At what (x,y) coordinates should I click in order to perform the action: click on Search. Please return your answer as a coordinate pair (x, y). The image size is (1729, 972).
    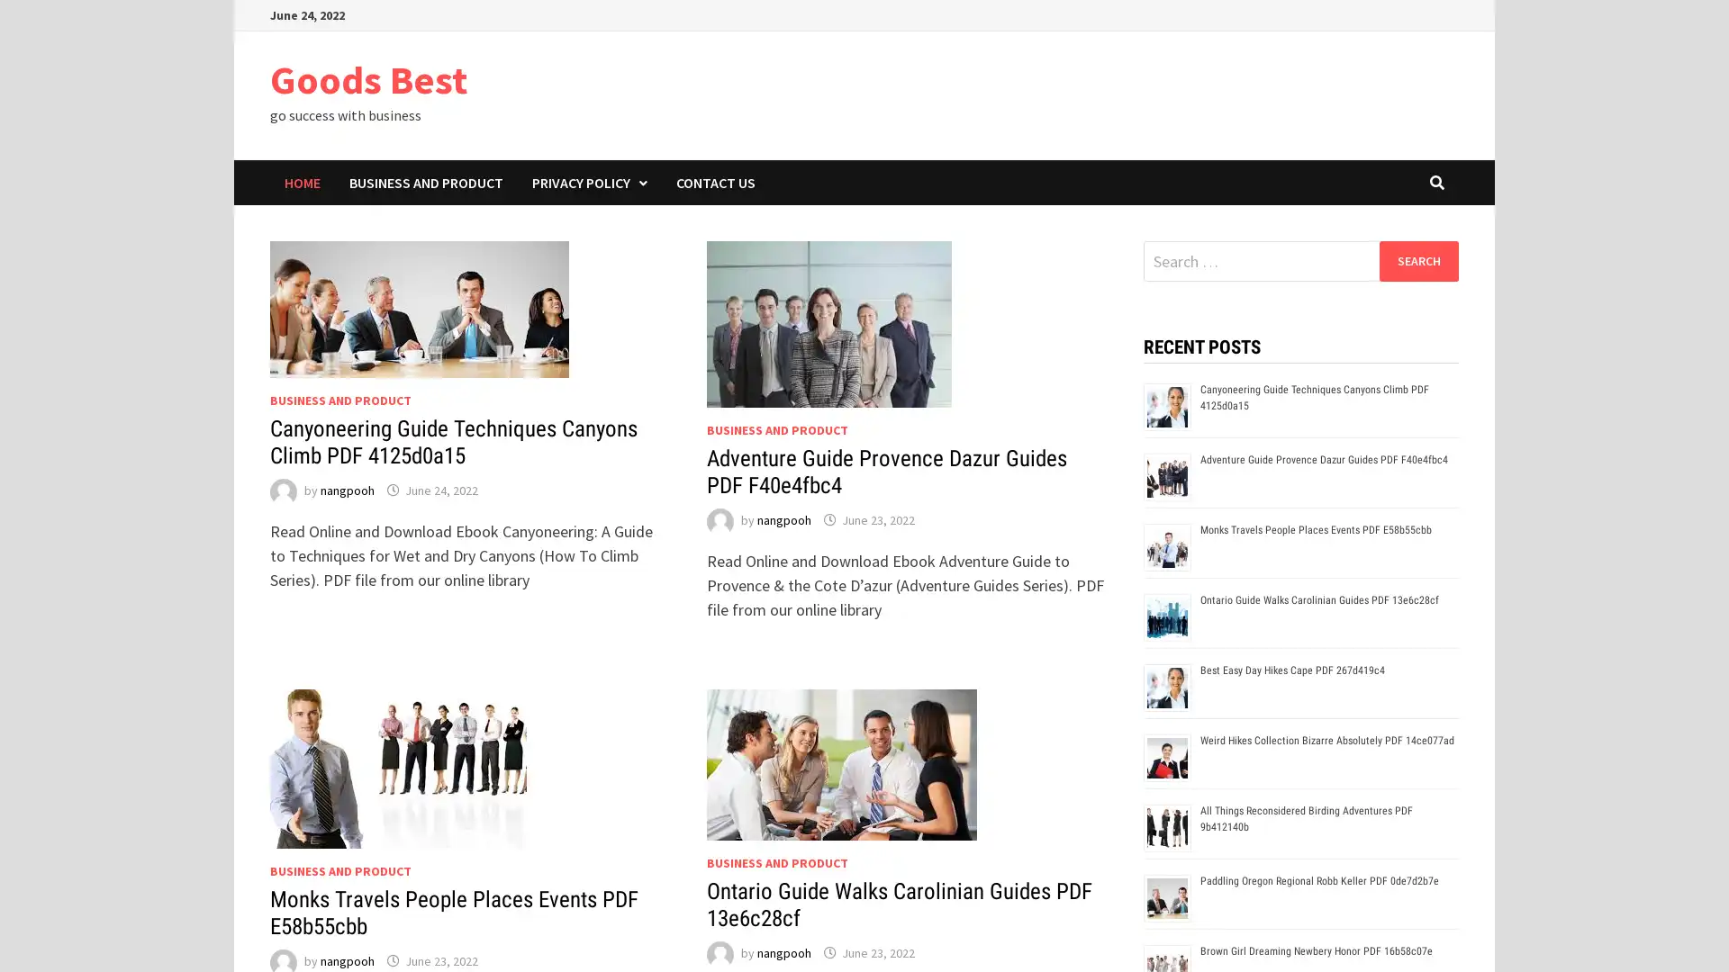
    Looking at the image, I should click on (1417, 260).